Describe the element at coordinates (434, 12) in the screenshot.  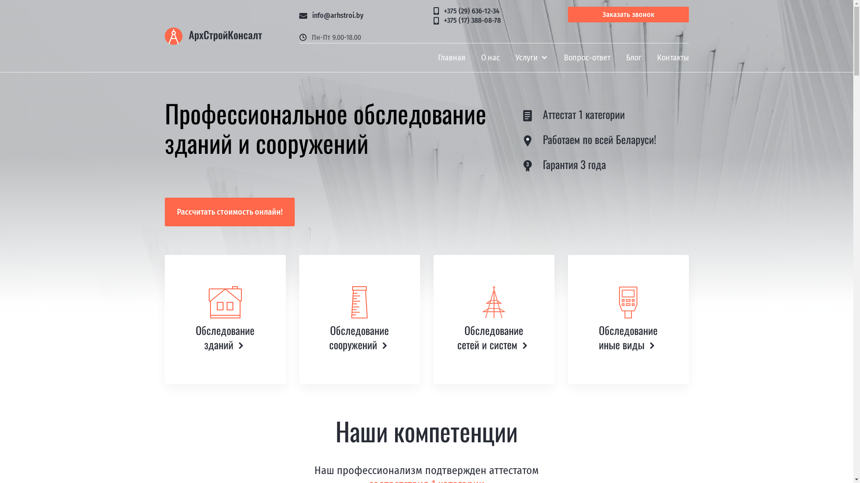
I see `'+375 (29) 636-12-34'` at that location.